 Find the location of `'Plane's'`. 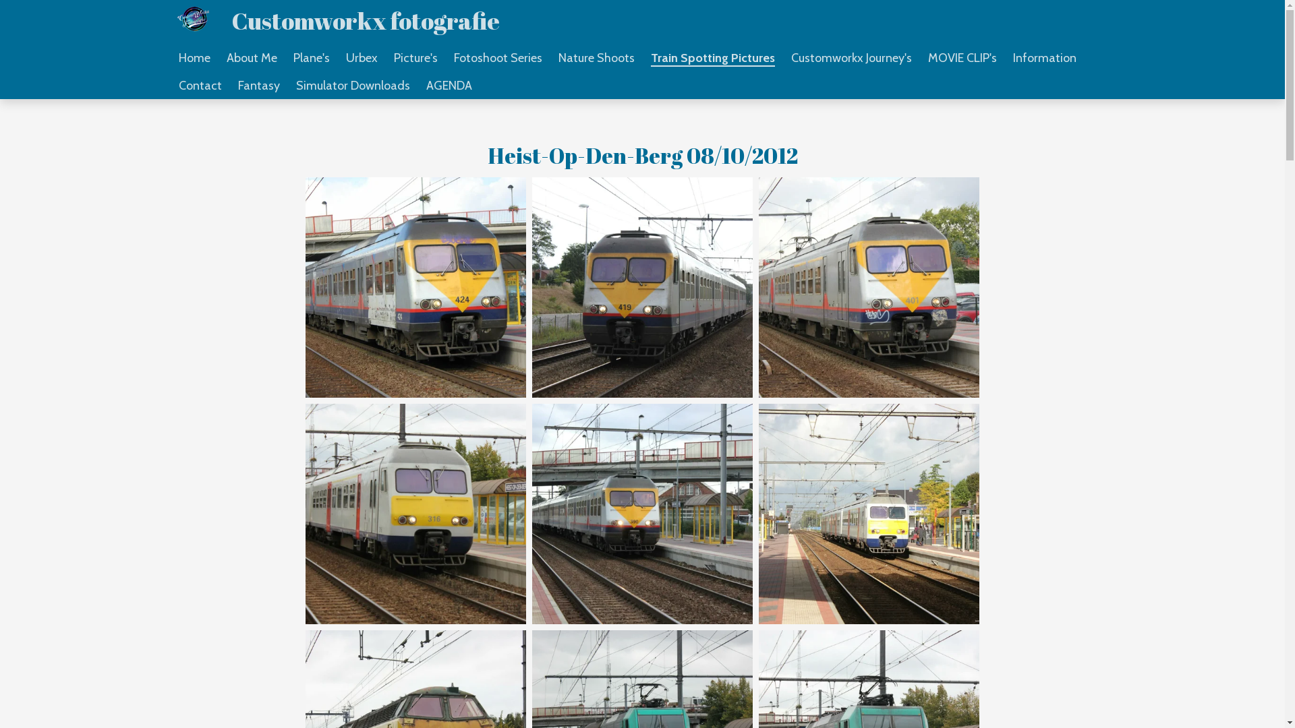

'Plane's' is located at coordinates (310, 57).